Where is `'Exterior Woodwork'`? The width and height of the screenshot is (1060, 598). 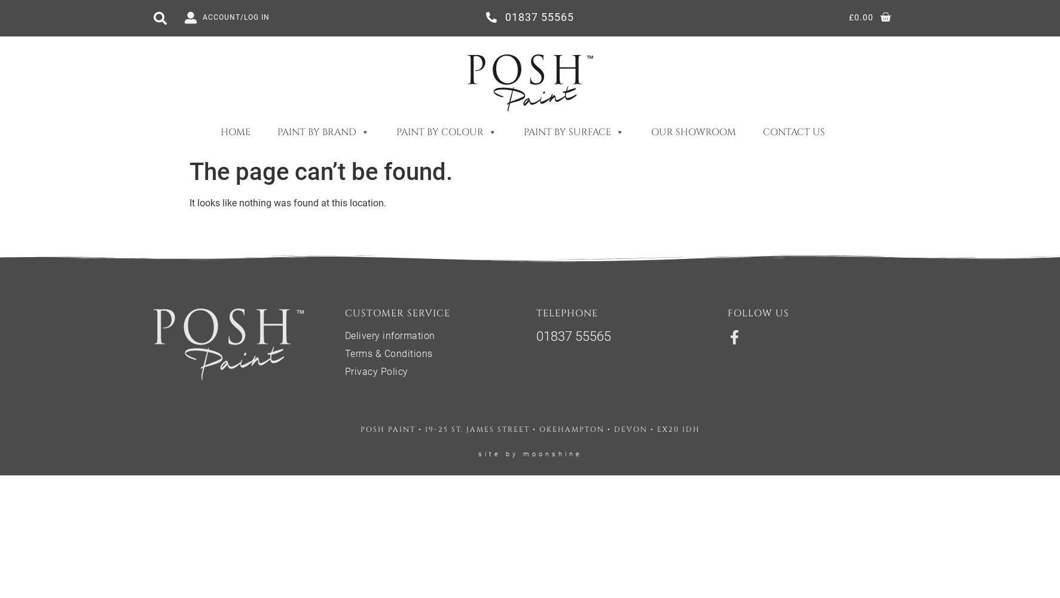 'Exterior Woodwork' is located at coordinates (594, 173).